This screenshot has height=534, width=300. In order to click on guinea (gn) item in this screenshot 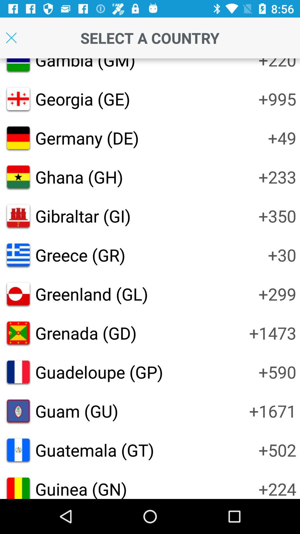, I will do `click(81, 488)`.